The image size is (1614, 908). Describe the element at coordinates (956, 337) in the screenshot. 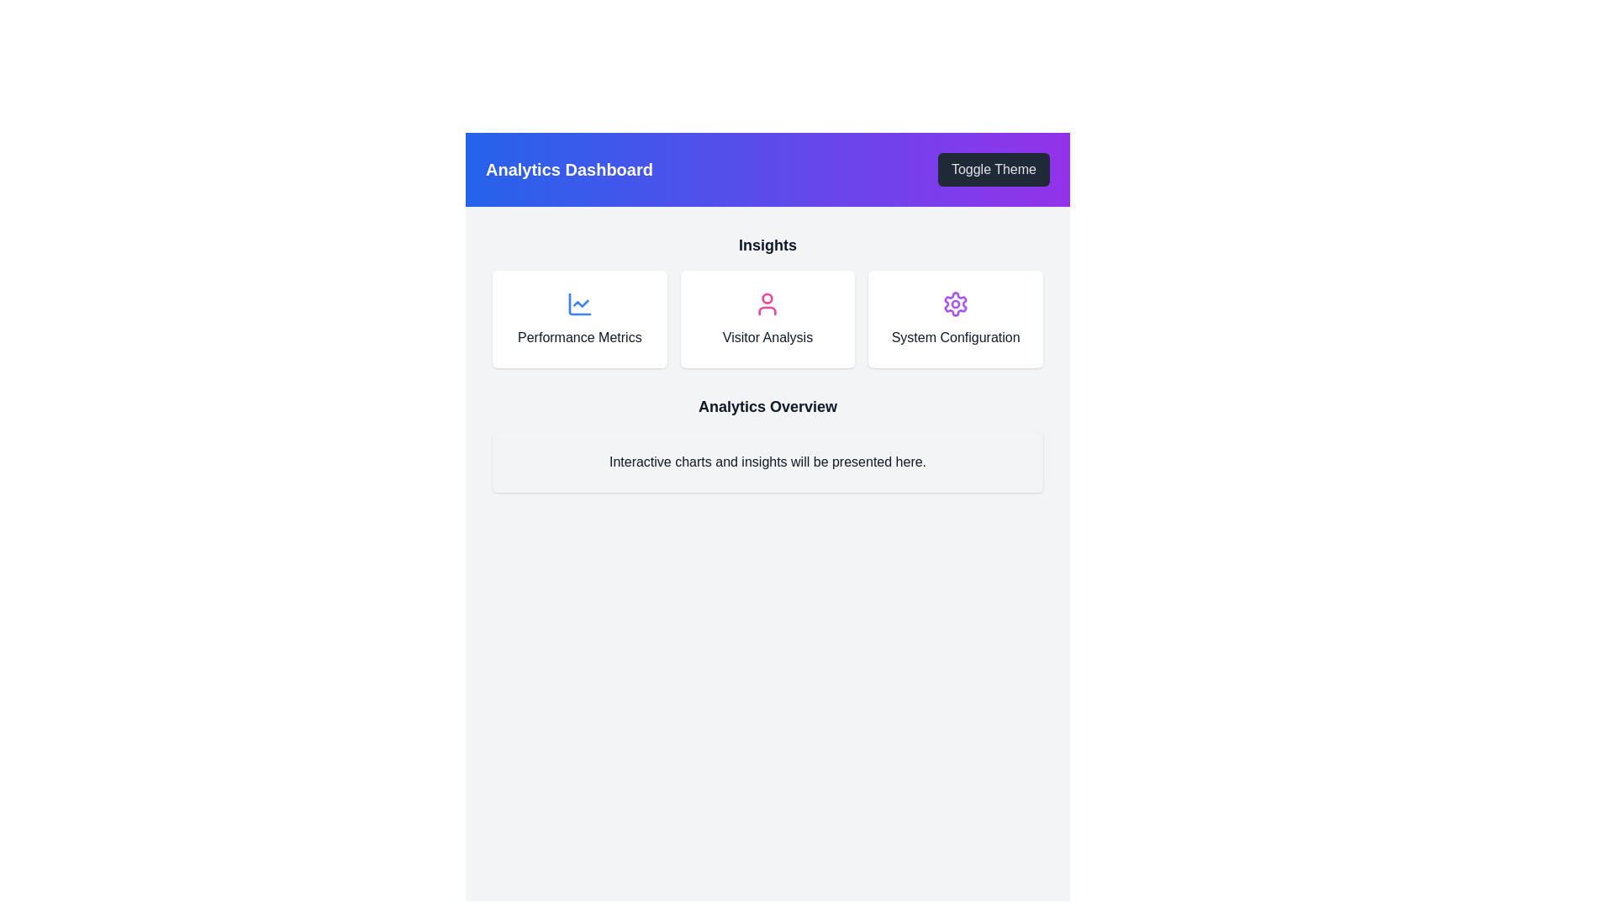

I see `the descriptive text label for the system configuration feature located beneath the settings icon on the third card in the 'Insights' section of the dashboard` at that location.